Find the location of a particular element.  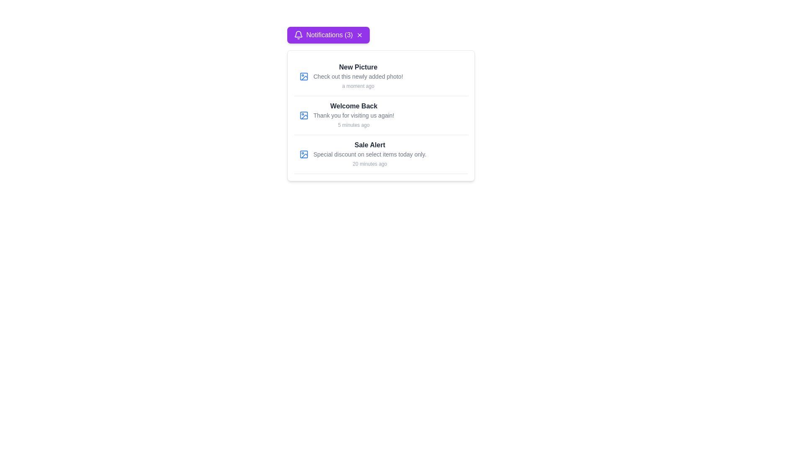

the second notification item in the vertical list, which conveys a greeting to the user with a timestamp is located at coordinates (353, 116).